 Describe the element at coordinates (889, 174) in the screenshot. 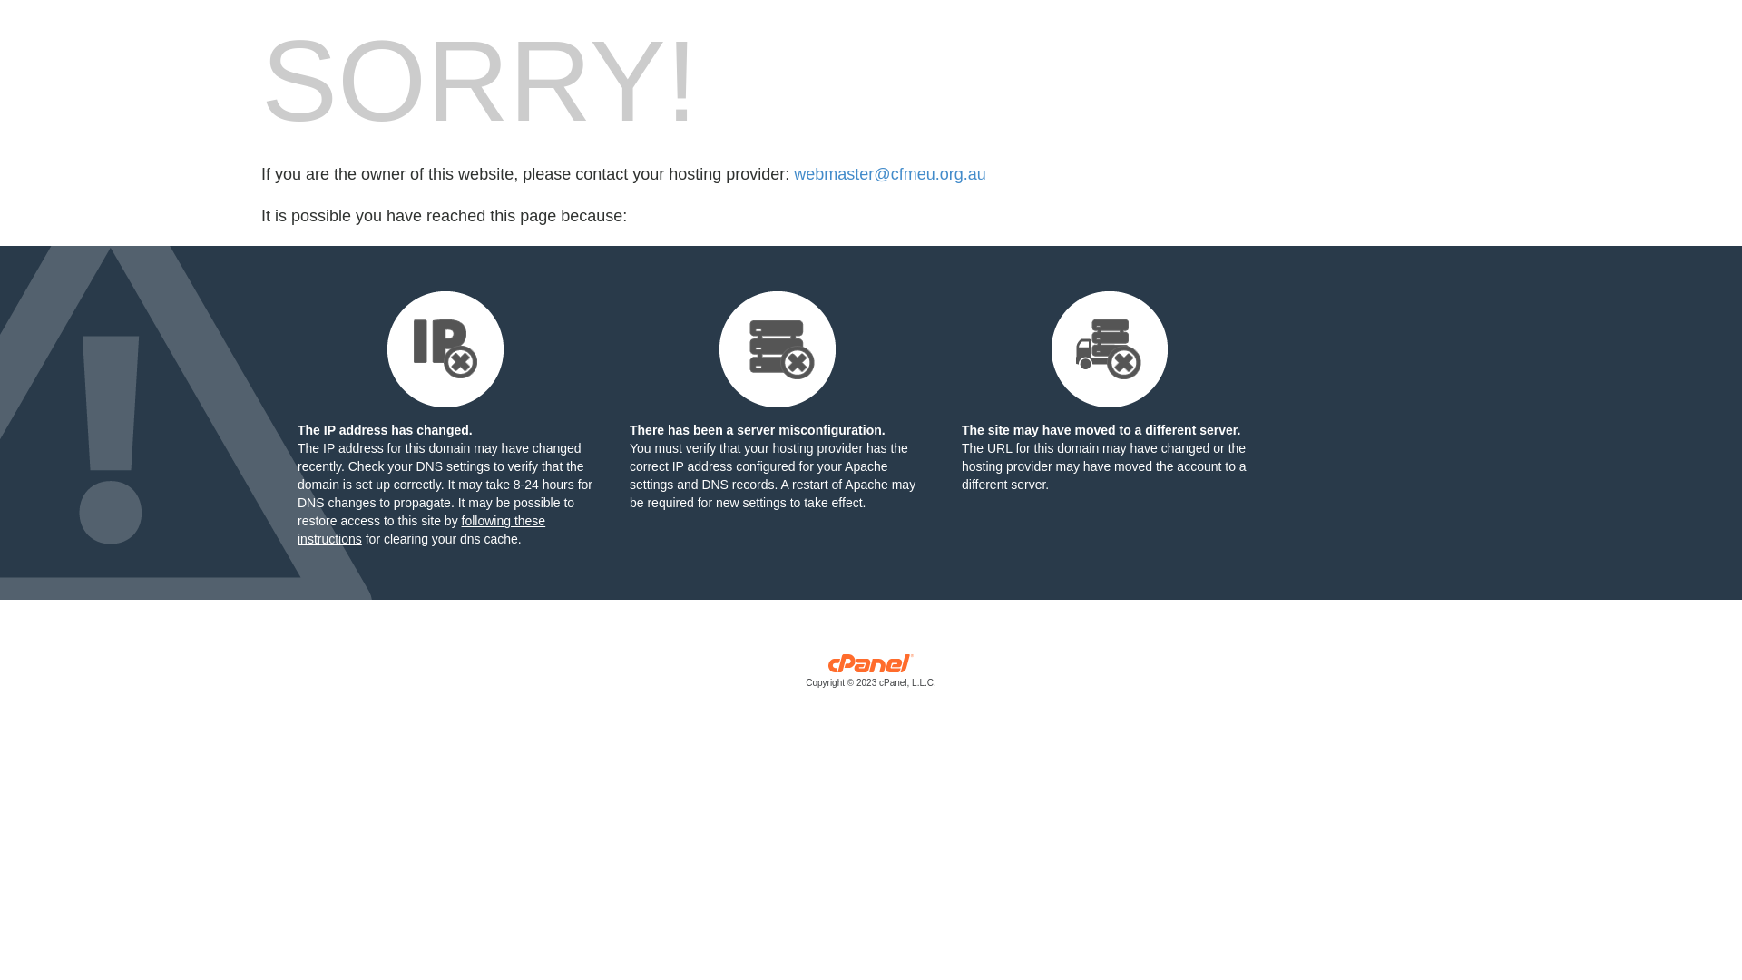

I see `'webmaster@cfmeu.org.au'` at that location.